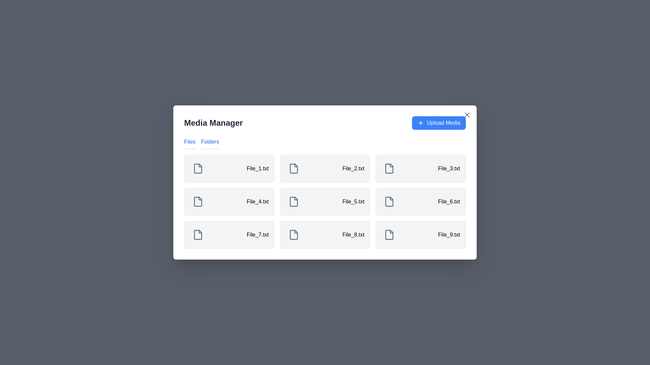  What do you see at coordinates (353, 168) in the screenshot?
I see `the static text label displaying 'File_2.txt', which is positioned in the first row and second column of a grid of file blocks` at bounding box center [353, 168].